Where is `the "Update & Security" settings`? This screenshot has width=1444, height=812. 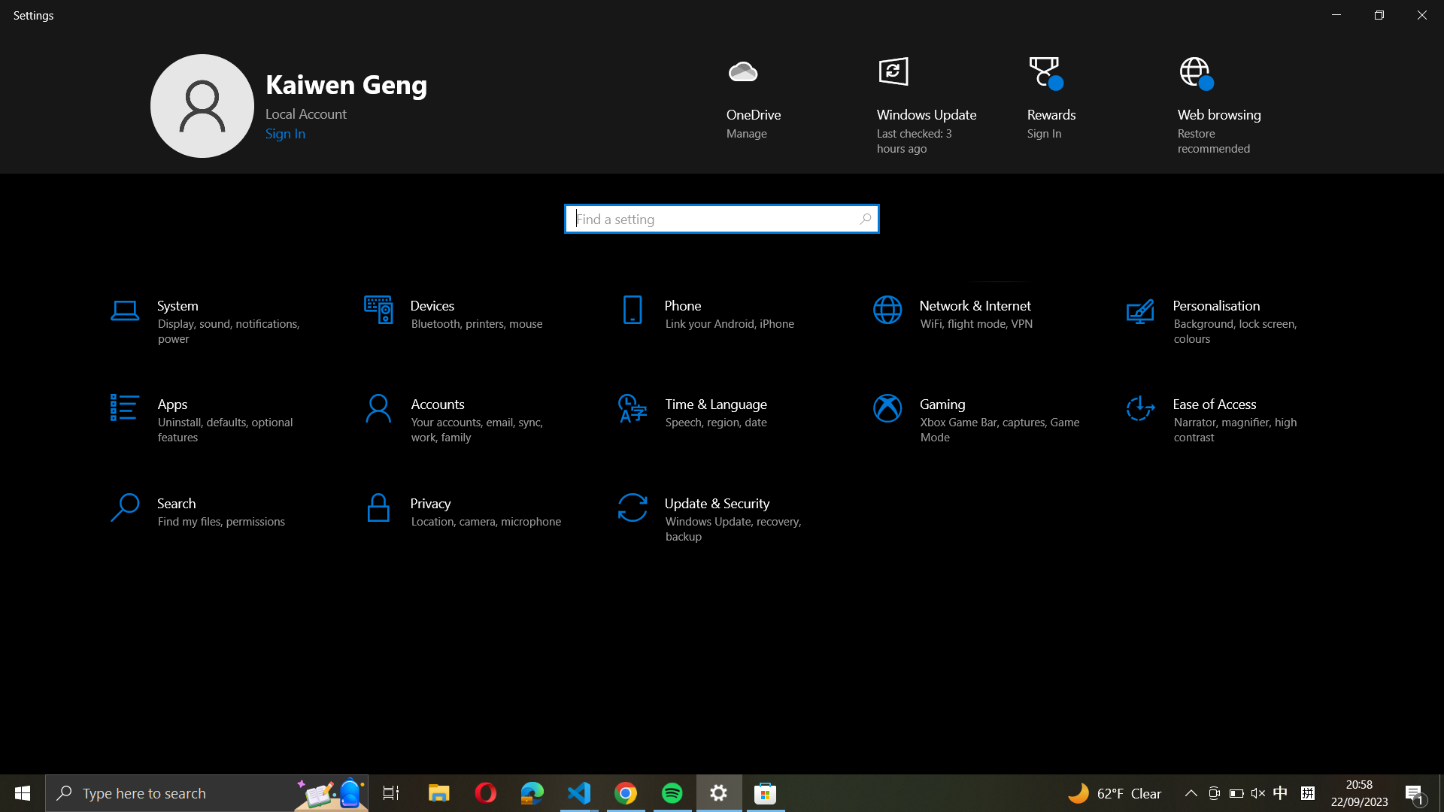
the "Update & Security" settings is located at coordinates (723, 514).